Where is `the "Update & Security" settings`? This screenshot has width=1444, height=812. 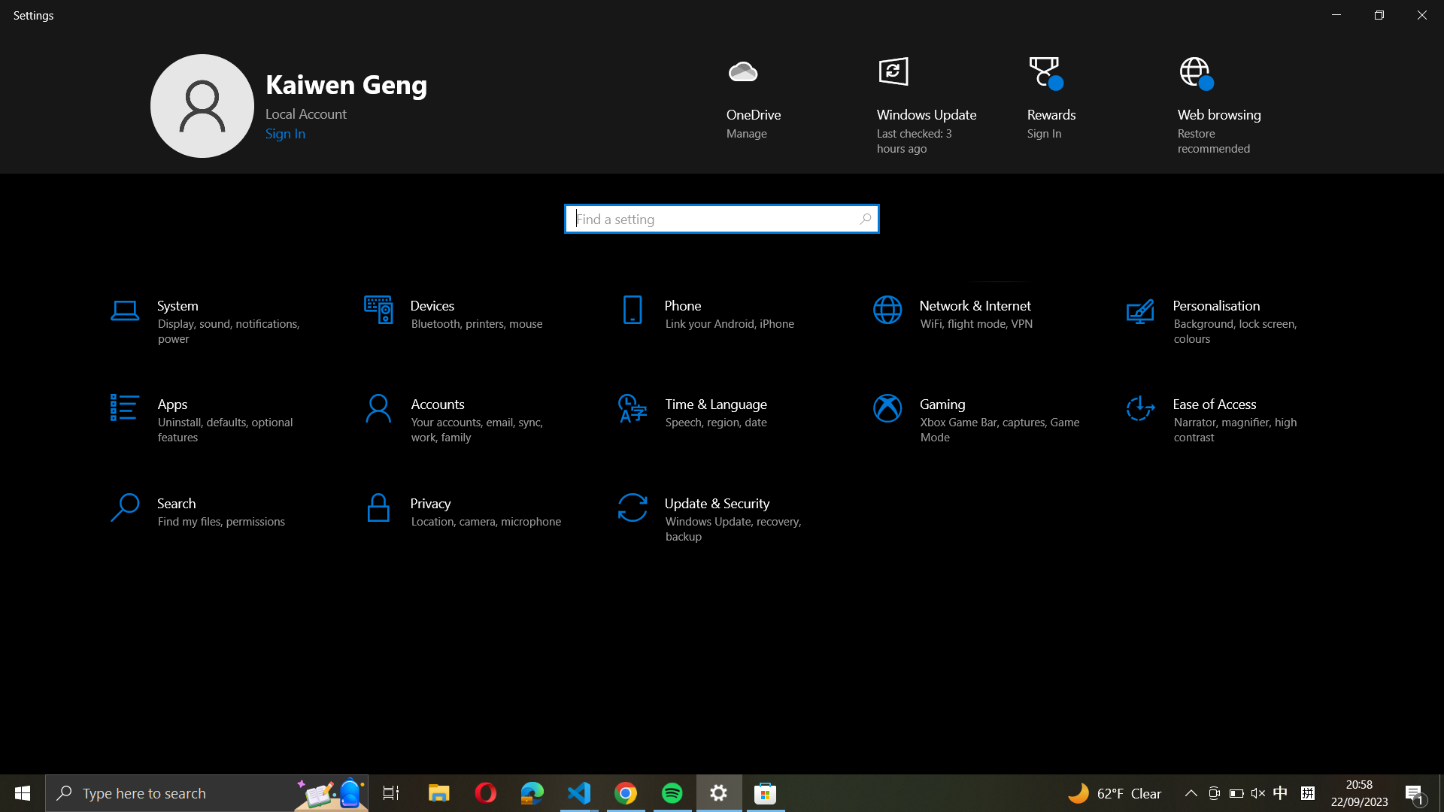
the "Update & Security" settings is located at coordinates (723, 514).